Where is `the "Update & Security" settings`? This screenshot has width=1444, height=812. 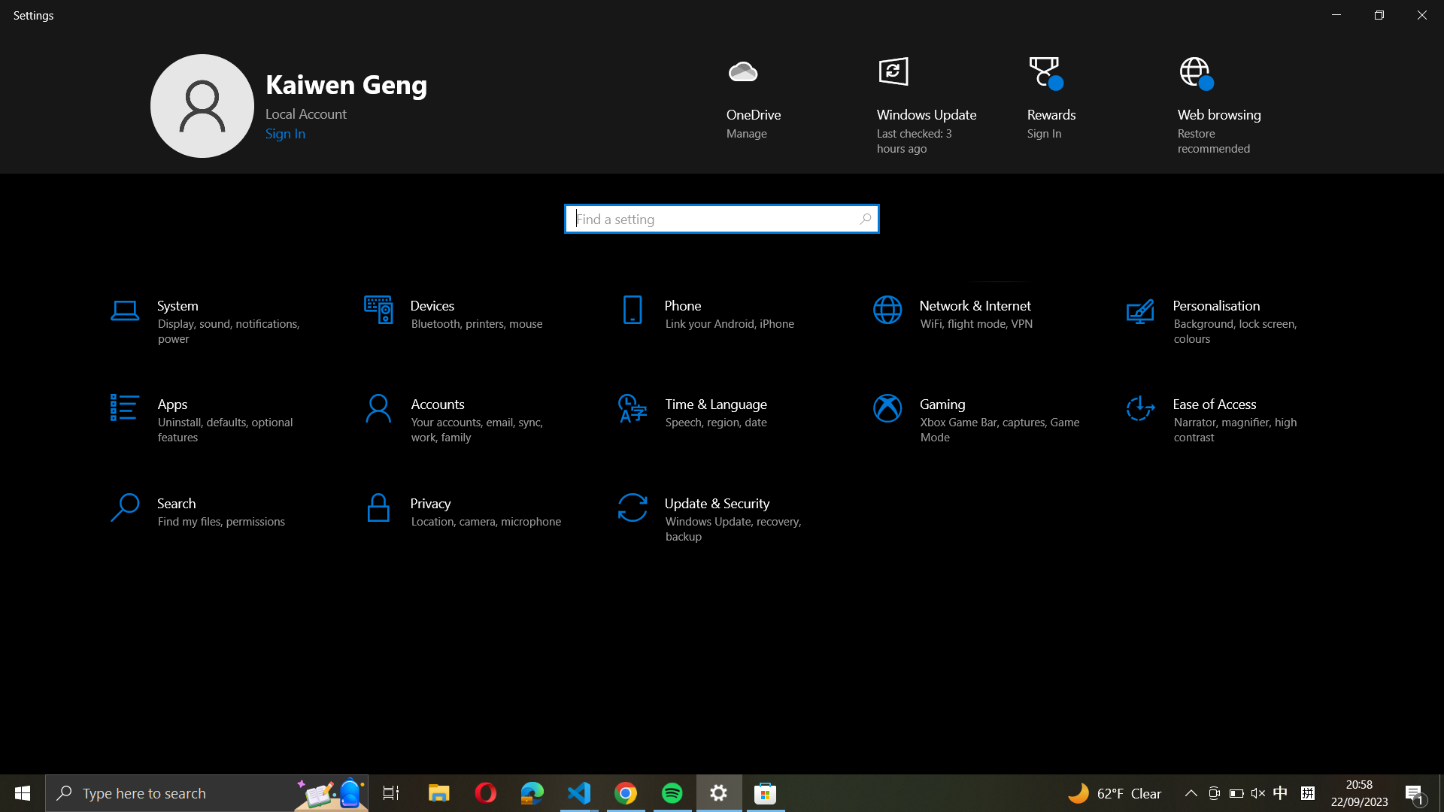
the "Update & Security" settings is located at coordinates (723, 514).